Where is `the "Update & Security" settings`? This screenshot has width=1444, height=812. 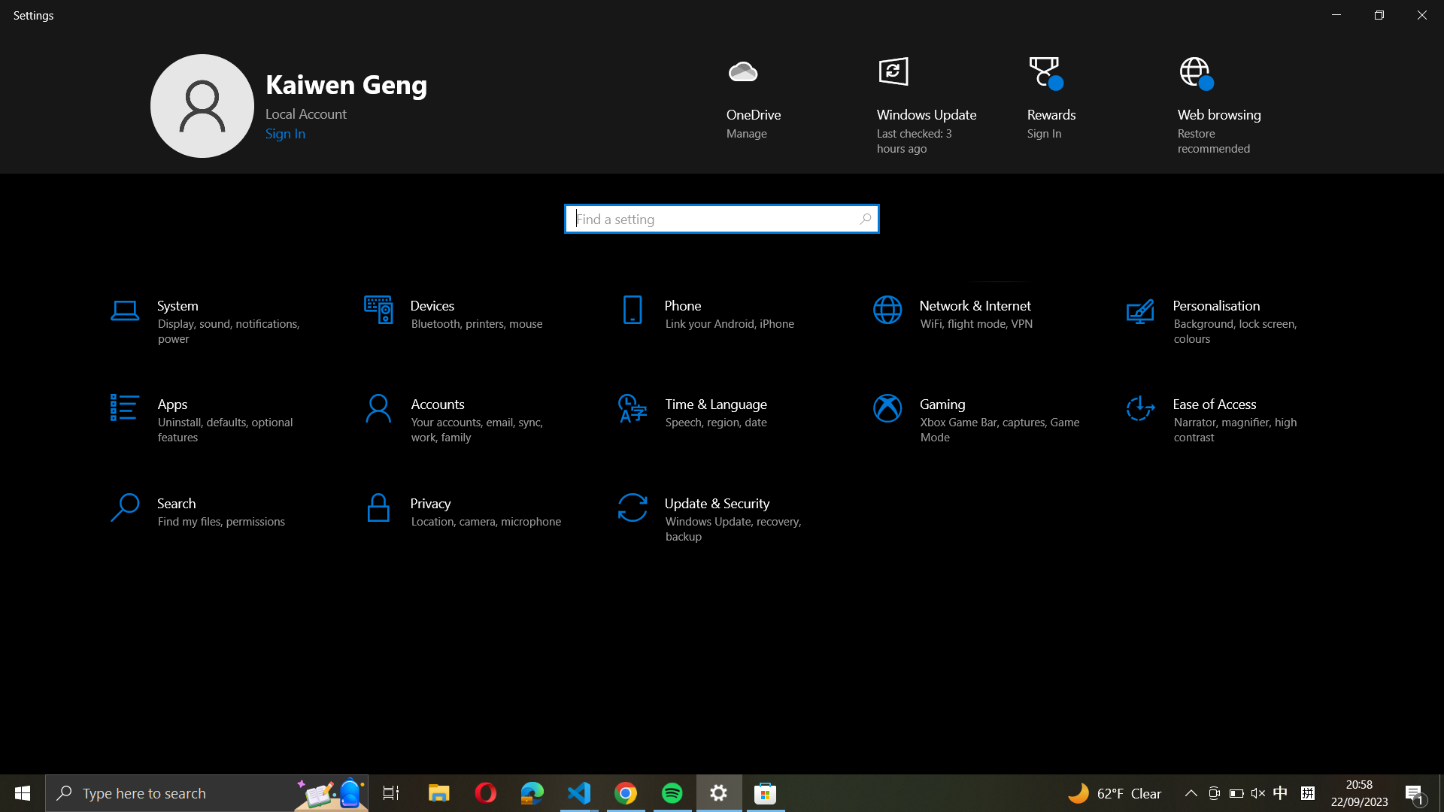
the "Update & Security" settings is located at coordinates (723, 514).